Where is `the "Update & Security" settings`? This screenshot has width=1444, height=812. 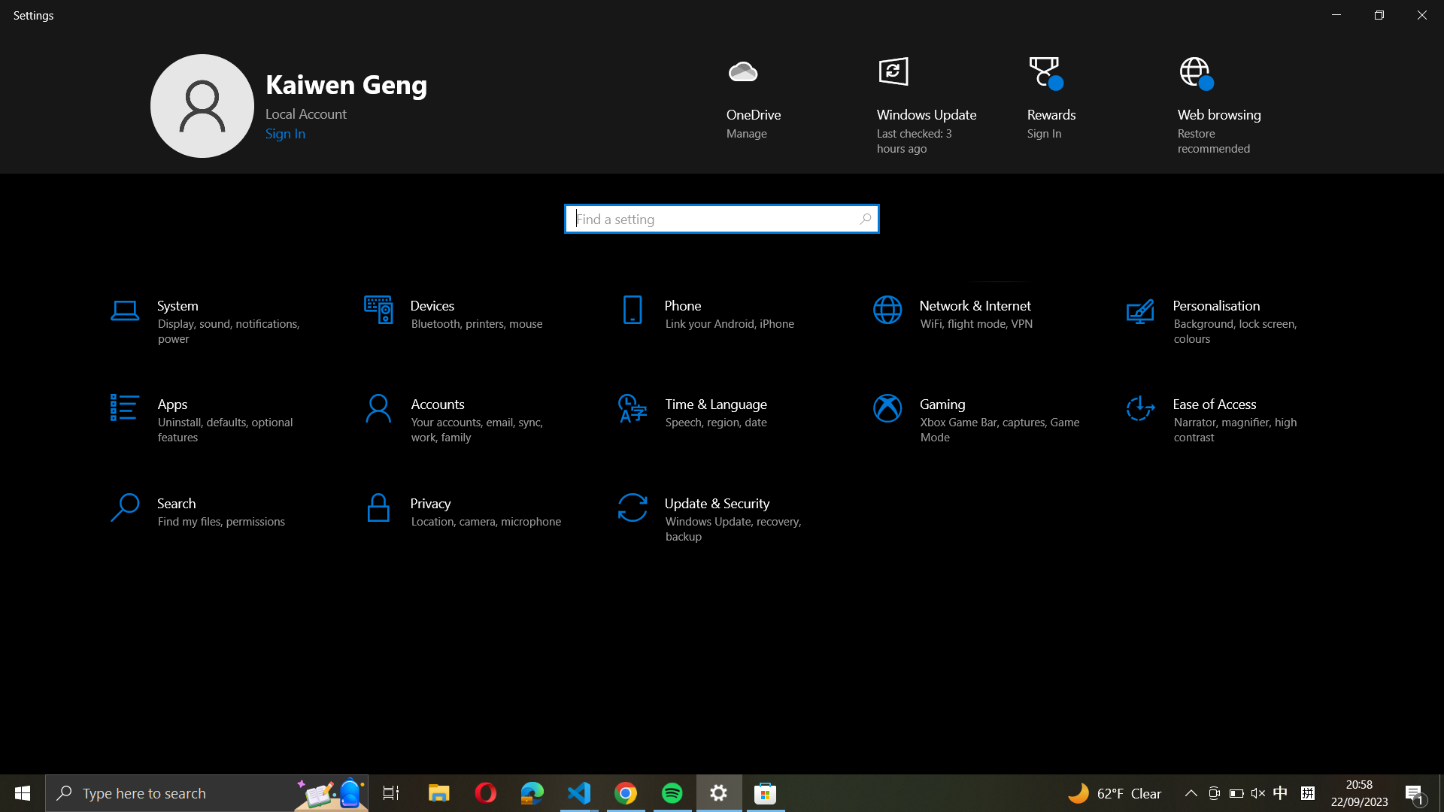
the "Update & Security" settings is located at coordinates (723, 514).